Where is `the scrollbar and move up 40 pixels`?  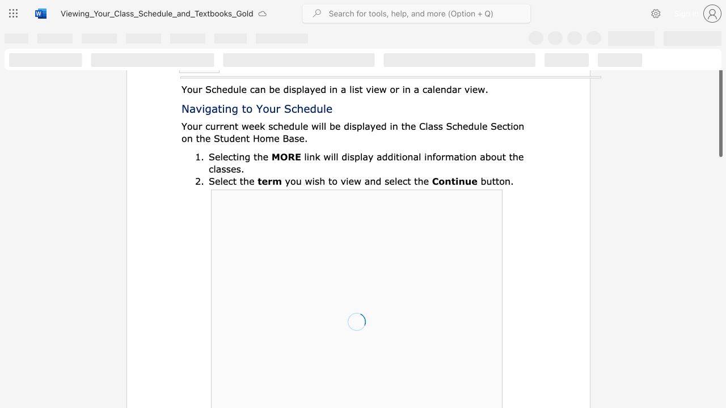 the scrollbar and move up 40 pixels is located at coordinates (720, 101).